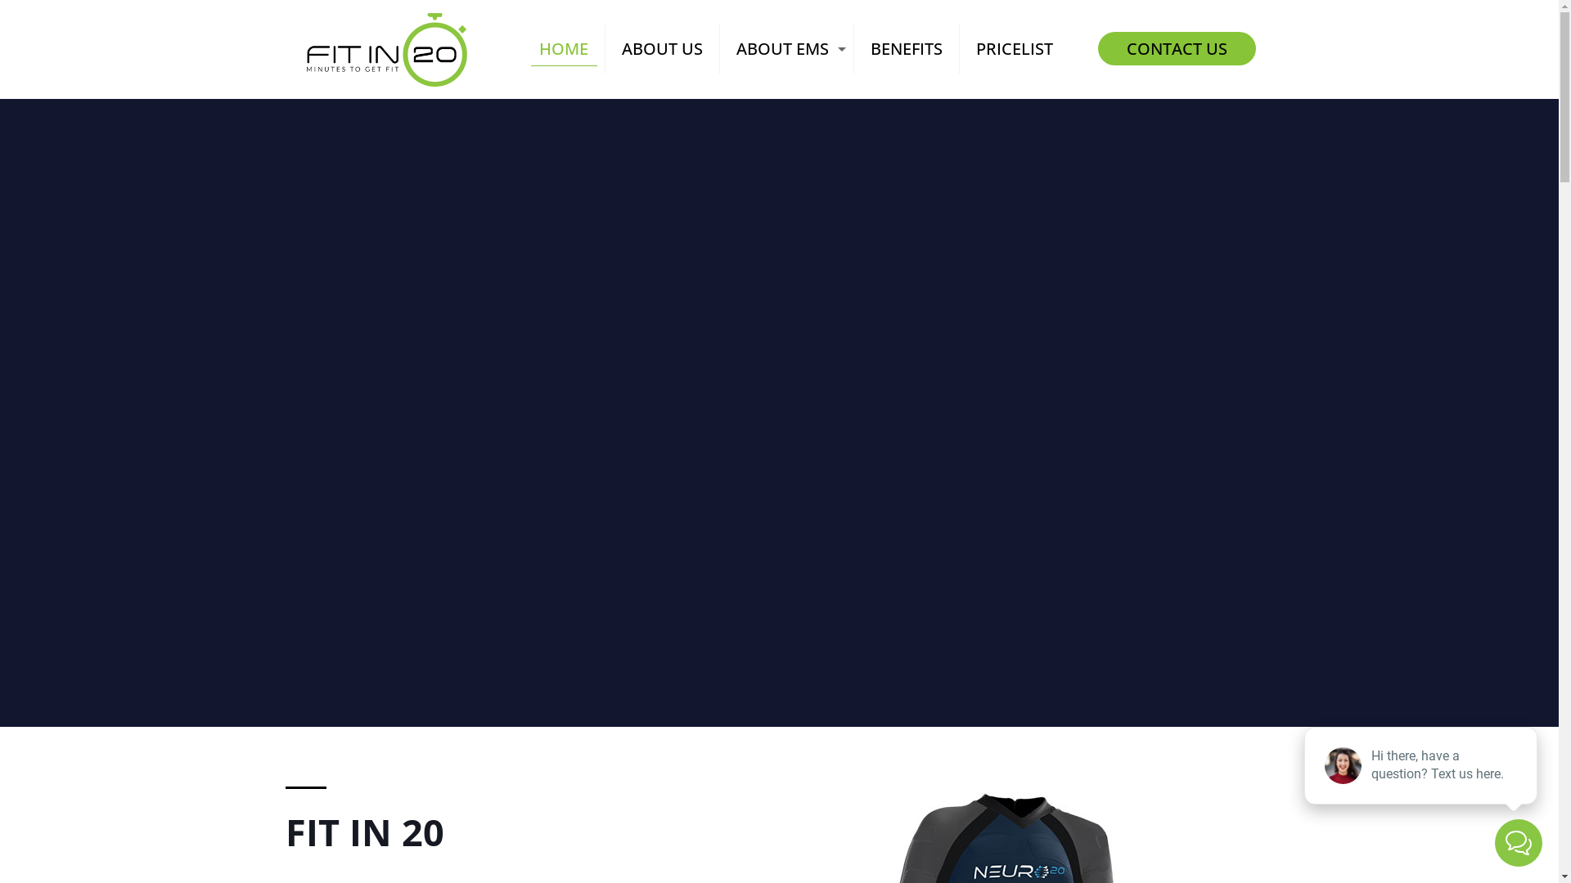  Describe the element at coordinates (564, 48) in the screenshot. I see `'HOME'` at that location.